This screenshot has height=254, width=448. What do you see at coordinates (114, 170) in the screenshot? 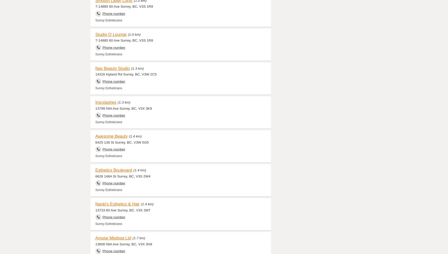
I see `'Esthetics Boulevard'` at bounding box center [114, 170].